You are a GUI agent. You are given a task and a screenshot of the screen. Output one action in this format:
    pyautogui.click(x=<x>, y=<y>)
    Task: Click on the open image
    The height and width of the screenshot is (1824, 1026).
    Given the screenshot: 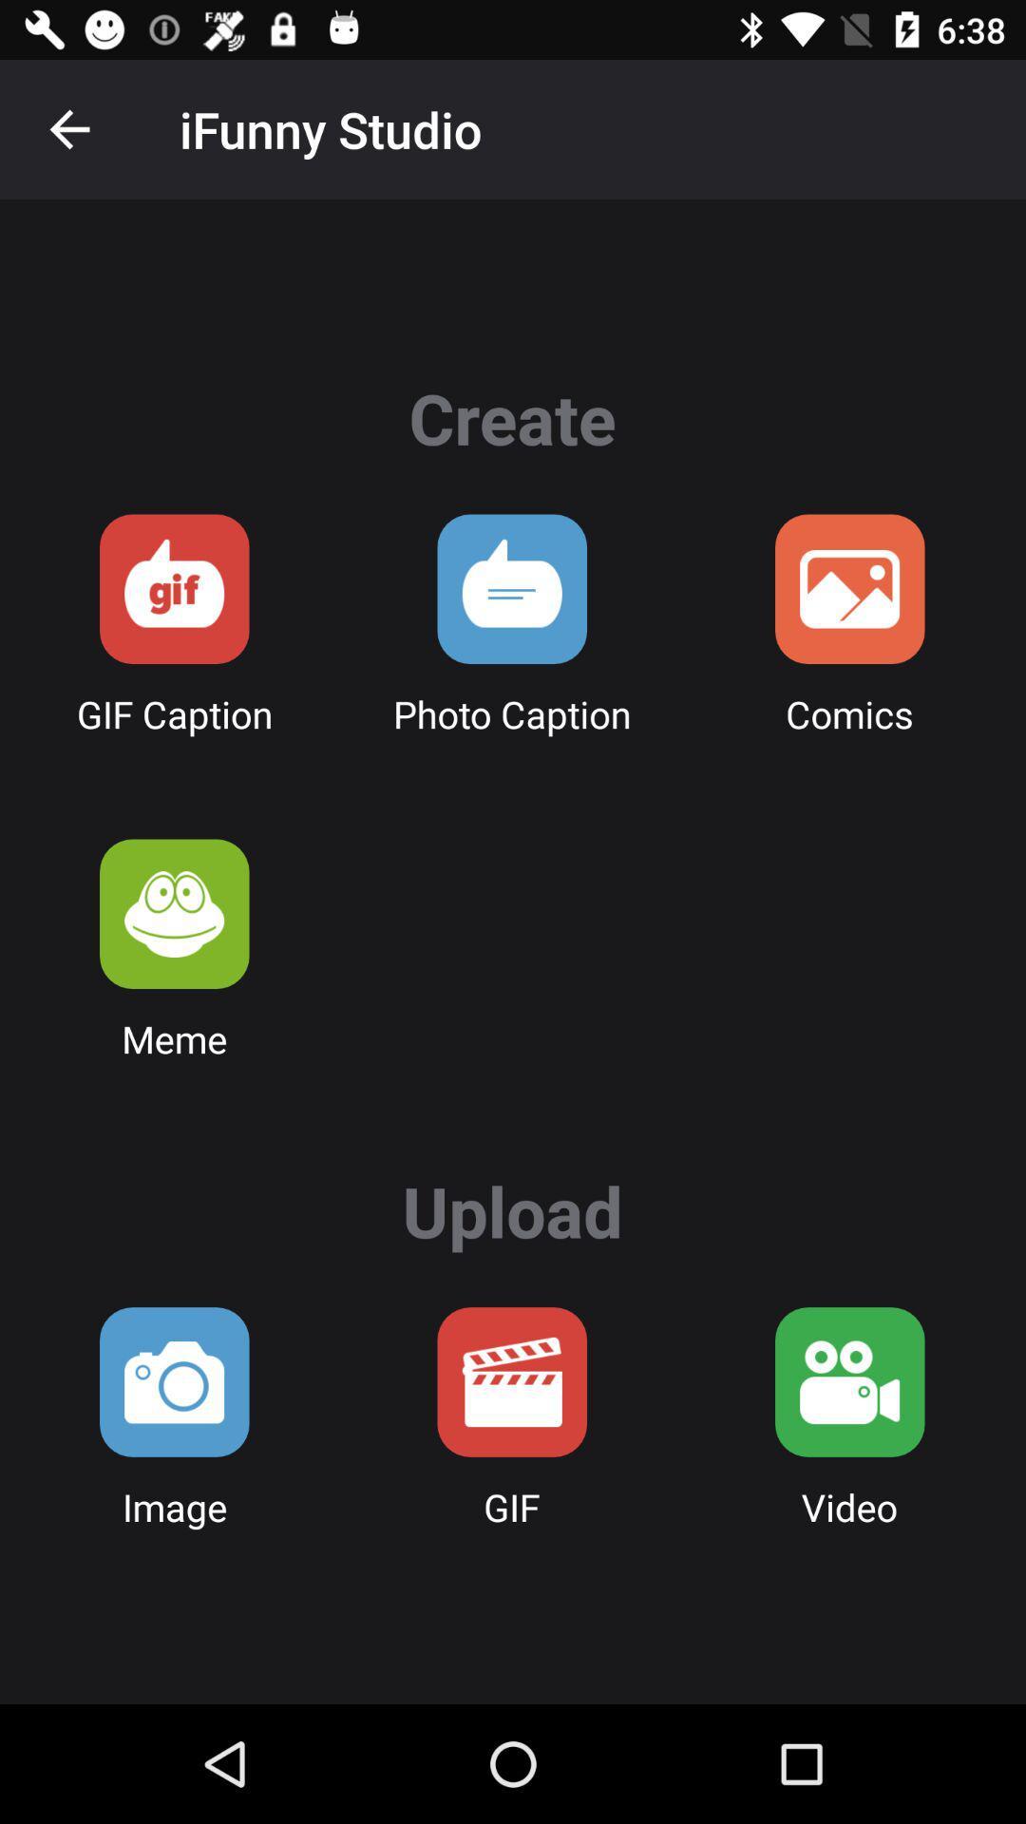 What is the action you would take?
    pyautogui.click(x=174, y=1381)
    